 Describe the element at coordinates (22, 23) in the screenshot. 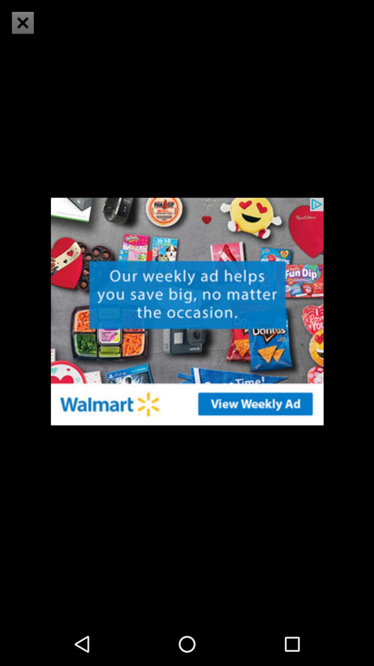

I see `the close icon` at that location.